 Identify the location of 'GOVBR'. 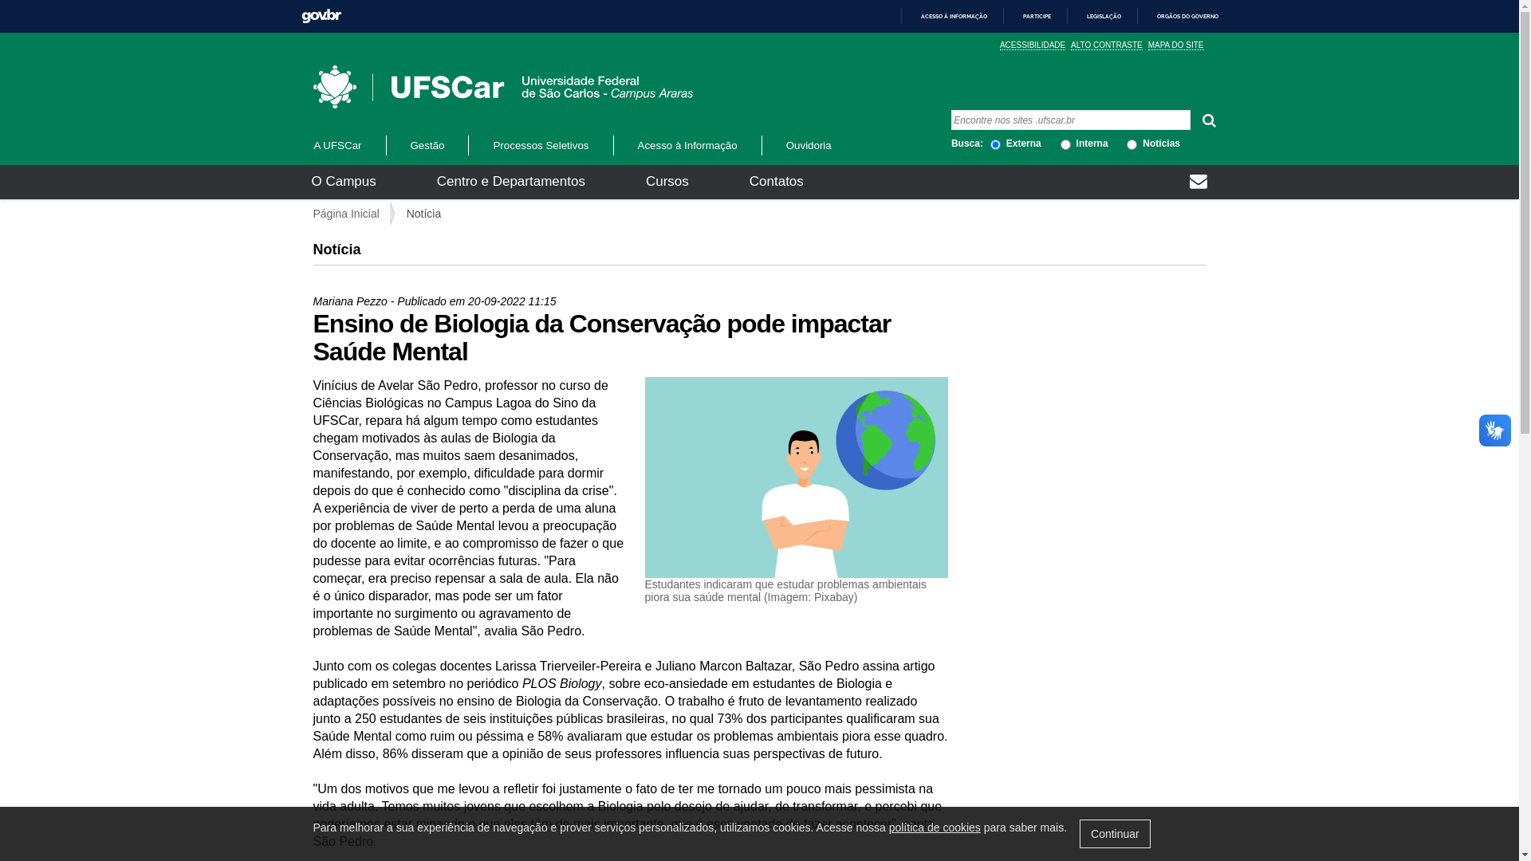
(321, 15).